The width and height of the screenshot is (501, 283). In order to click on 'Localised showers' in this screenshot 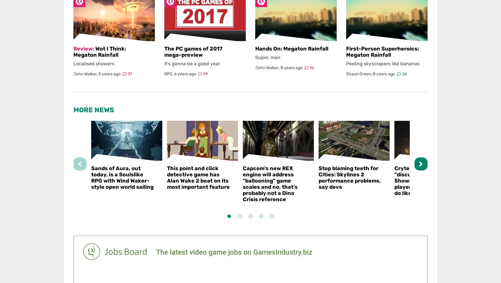, I will do `click(94, 63)`.